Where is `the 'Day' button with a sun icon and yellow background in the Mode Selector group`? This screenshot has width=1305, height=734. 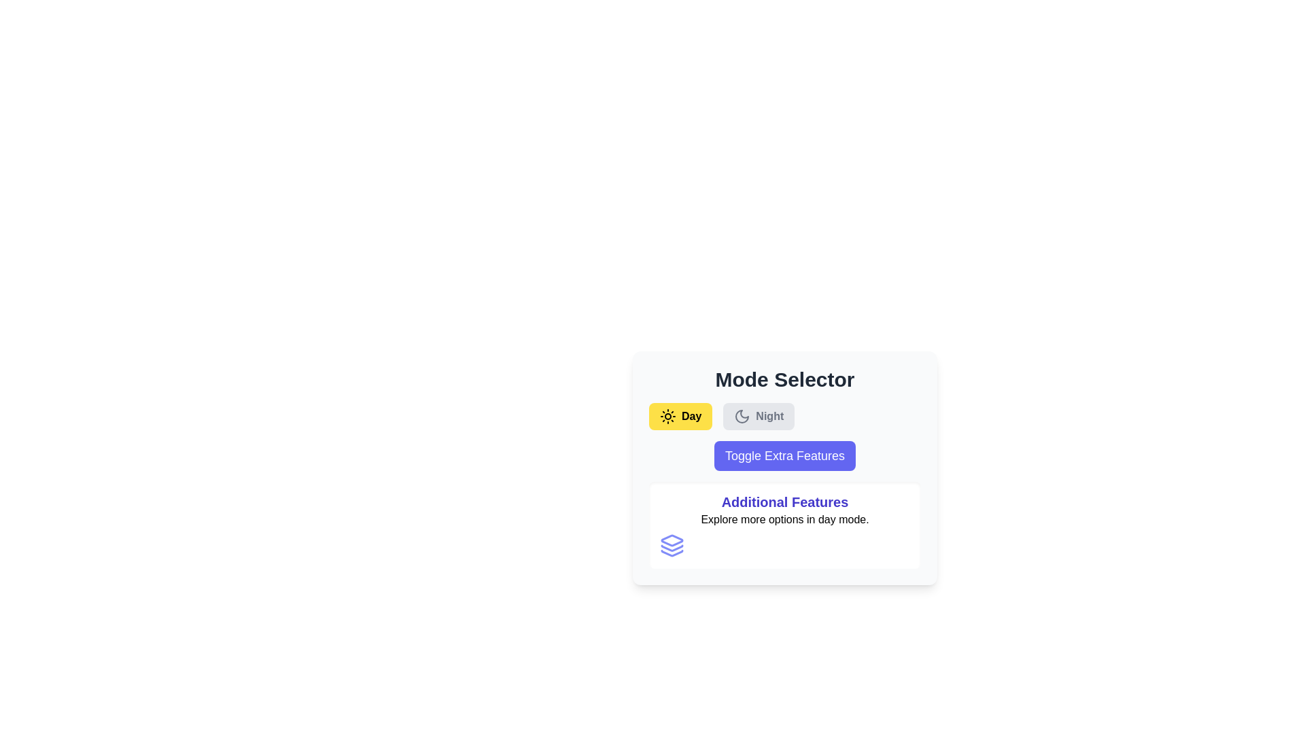 the 'Day' button with a sun icon and yellow background in the Mode Selector group is located at coordinates (680, 416).